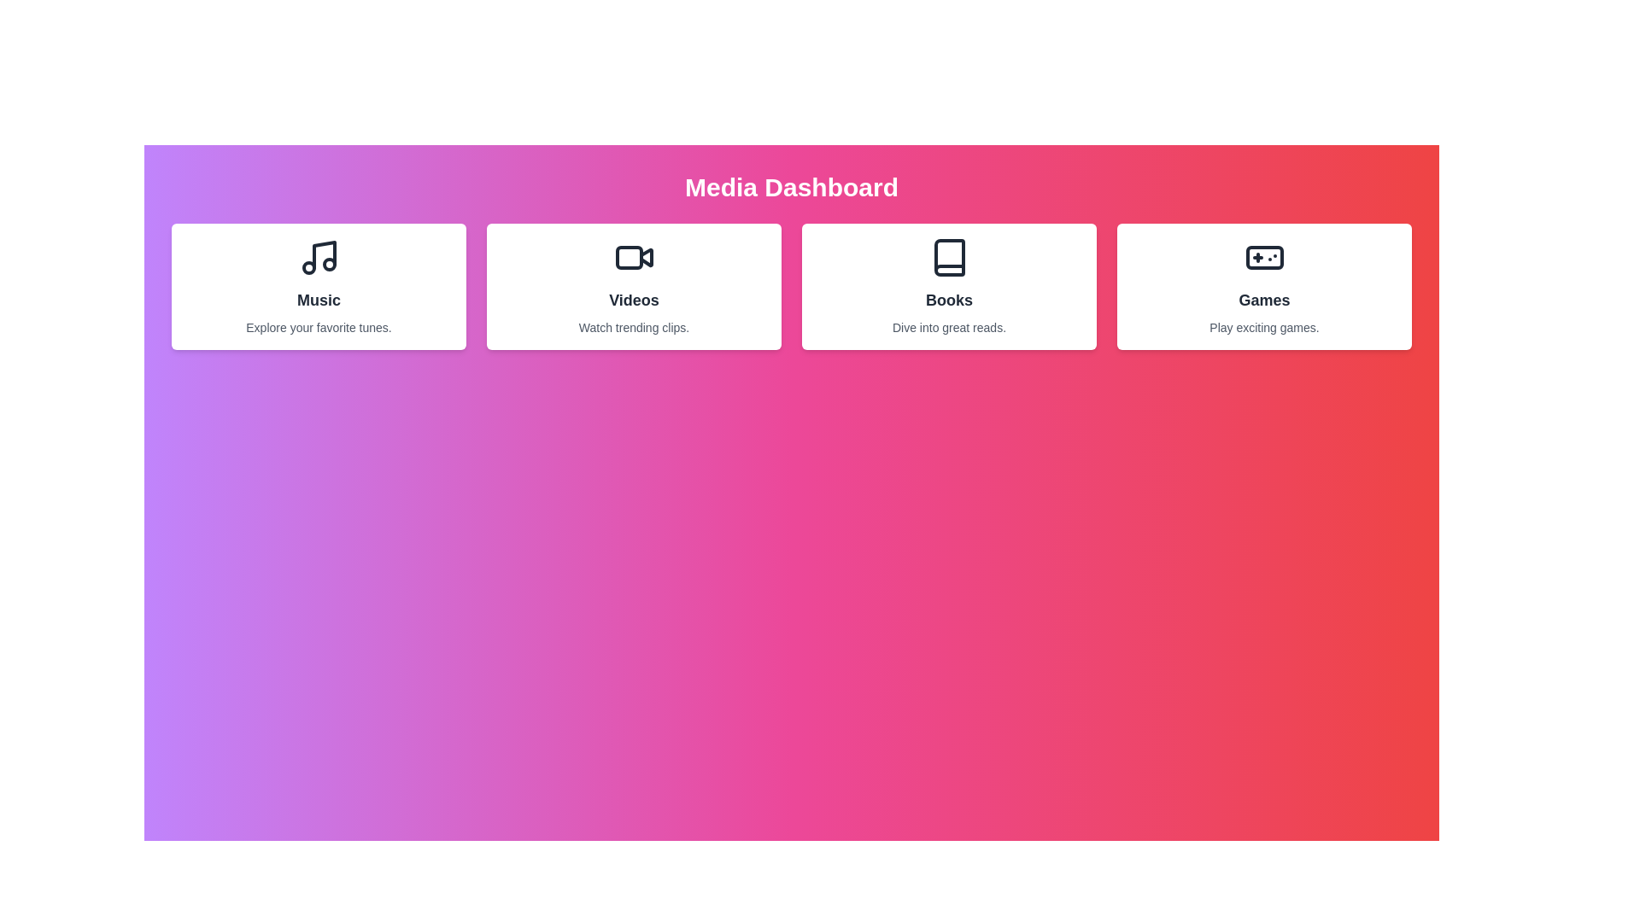 This screenshot has width=1640, height=922. What do you see at coordinates (948, 299) in the screenshot?
I see `the 'Books' text label, which is a bold heading displayed in a card component, centered among four horizontally aligned cards in the application interface` at bounding box center [948, 299].